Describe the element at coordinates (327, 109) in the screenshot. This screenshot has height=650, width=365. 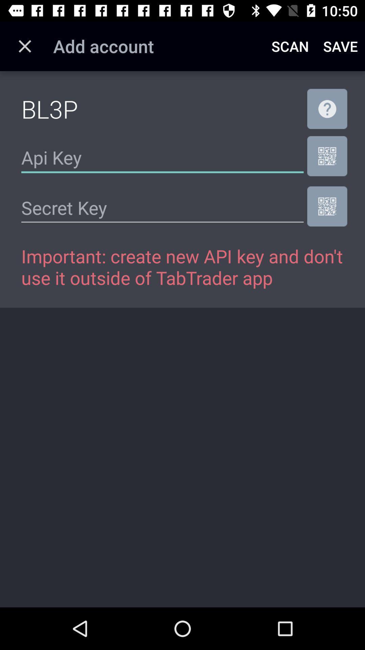
I see `the icon to the right of bl3p item` at that location.